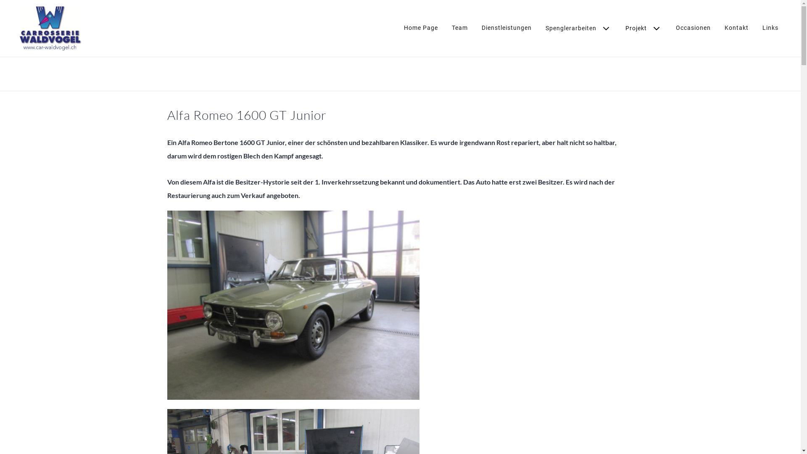 The image size is (807, 454). I want to click on 'logo', so click(49, 28).